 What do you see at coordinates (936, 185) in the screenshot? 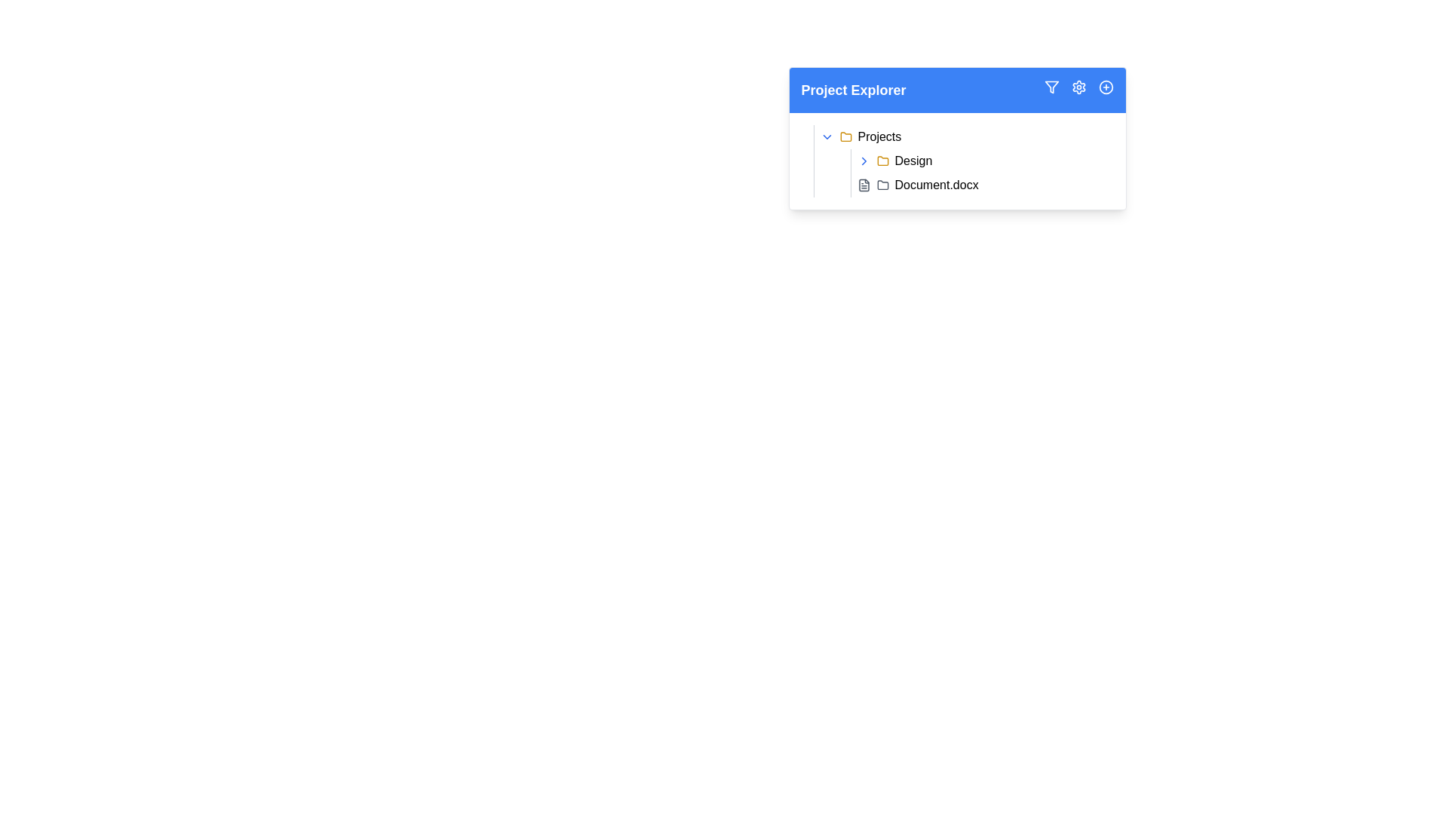
I see `the text label representing a document file located under the 'Design' folder in the 'Projects' directory` at bounding box center [936, 185].